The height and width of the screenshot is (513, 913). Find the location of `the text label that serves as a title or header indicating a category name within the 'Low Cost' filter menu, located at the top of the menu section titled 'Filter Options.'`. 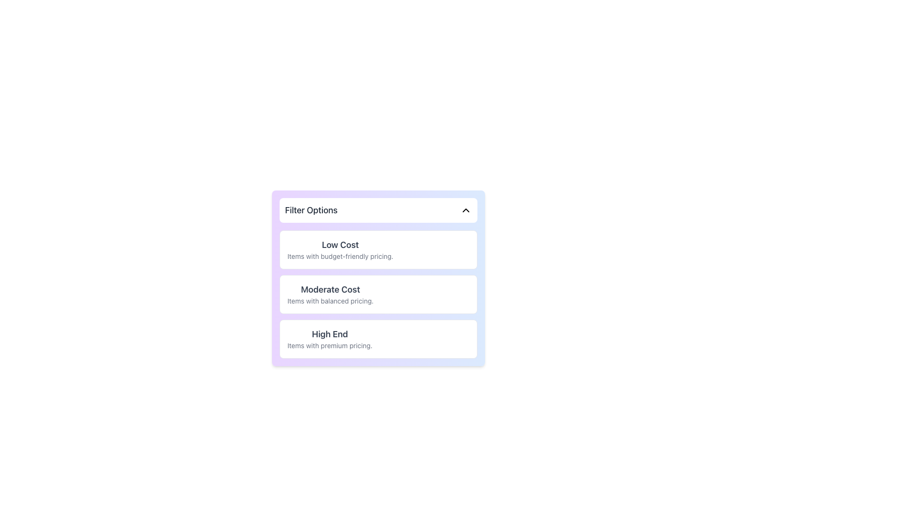

the text label that serves as a title or header indicating a category name within the 'Low Cost' filter menu, located at the top of the menu section titled 'Filter Options.' is located at coordinates (340, 245).